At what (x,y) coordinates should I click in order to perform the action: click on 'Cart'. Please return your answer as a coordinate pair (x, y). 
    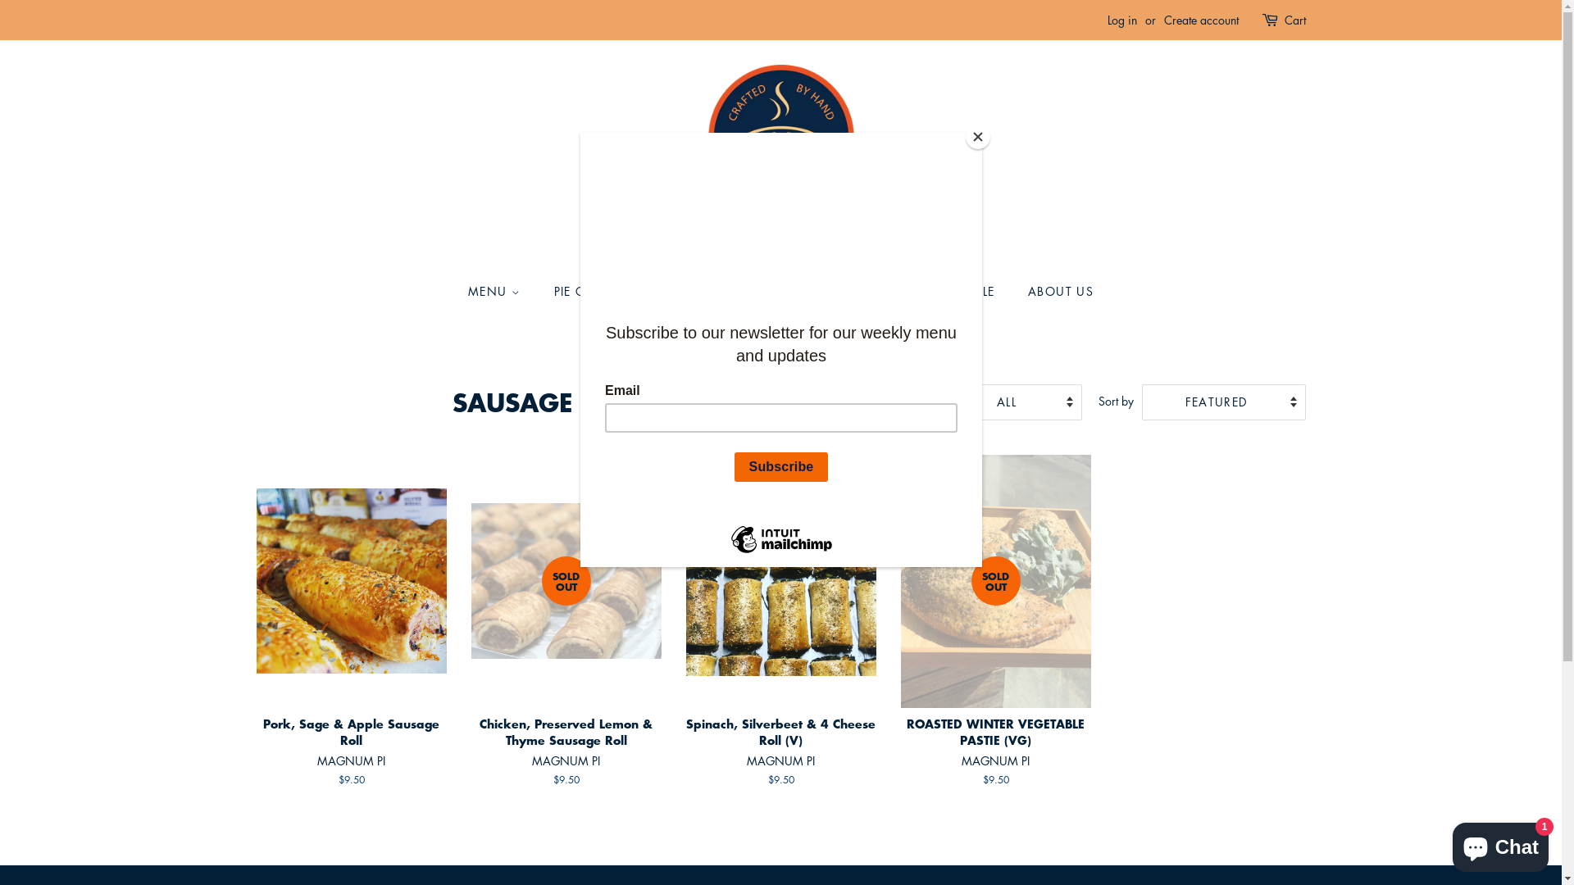
    Looking at the image, I should click on (1294, 20).